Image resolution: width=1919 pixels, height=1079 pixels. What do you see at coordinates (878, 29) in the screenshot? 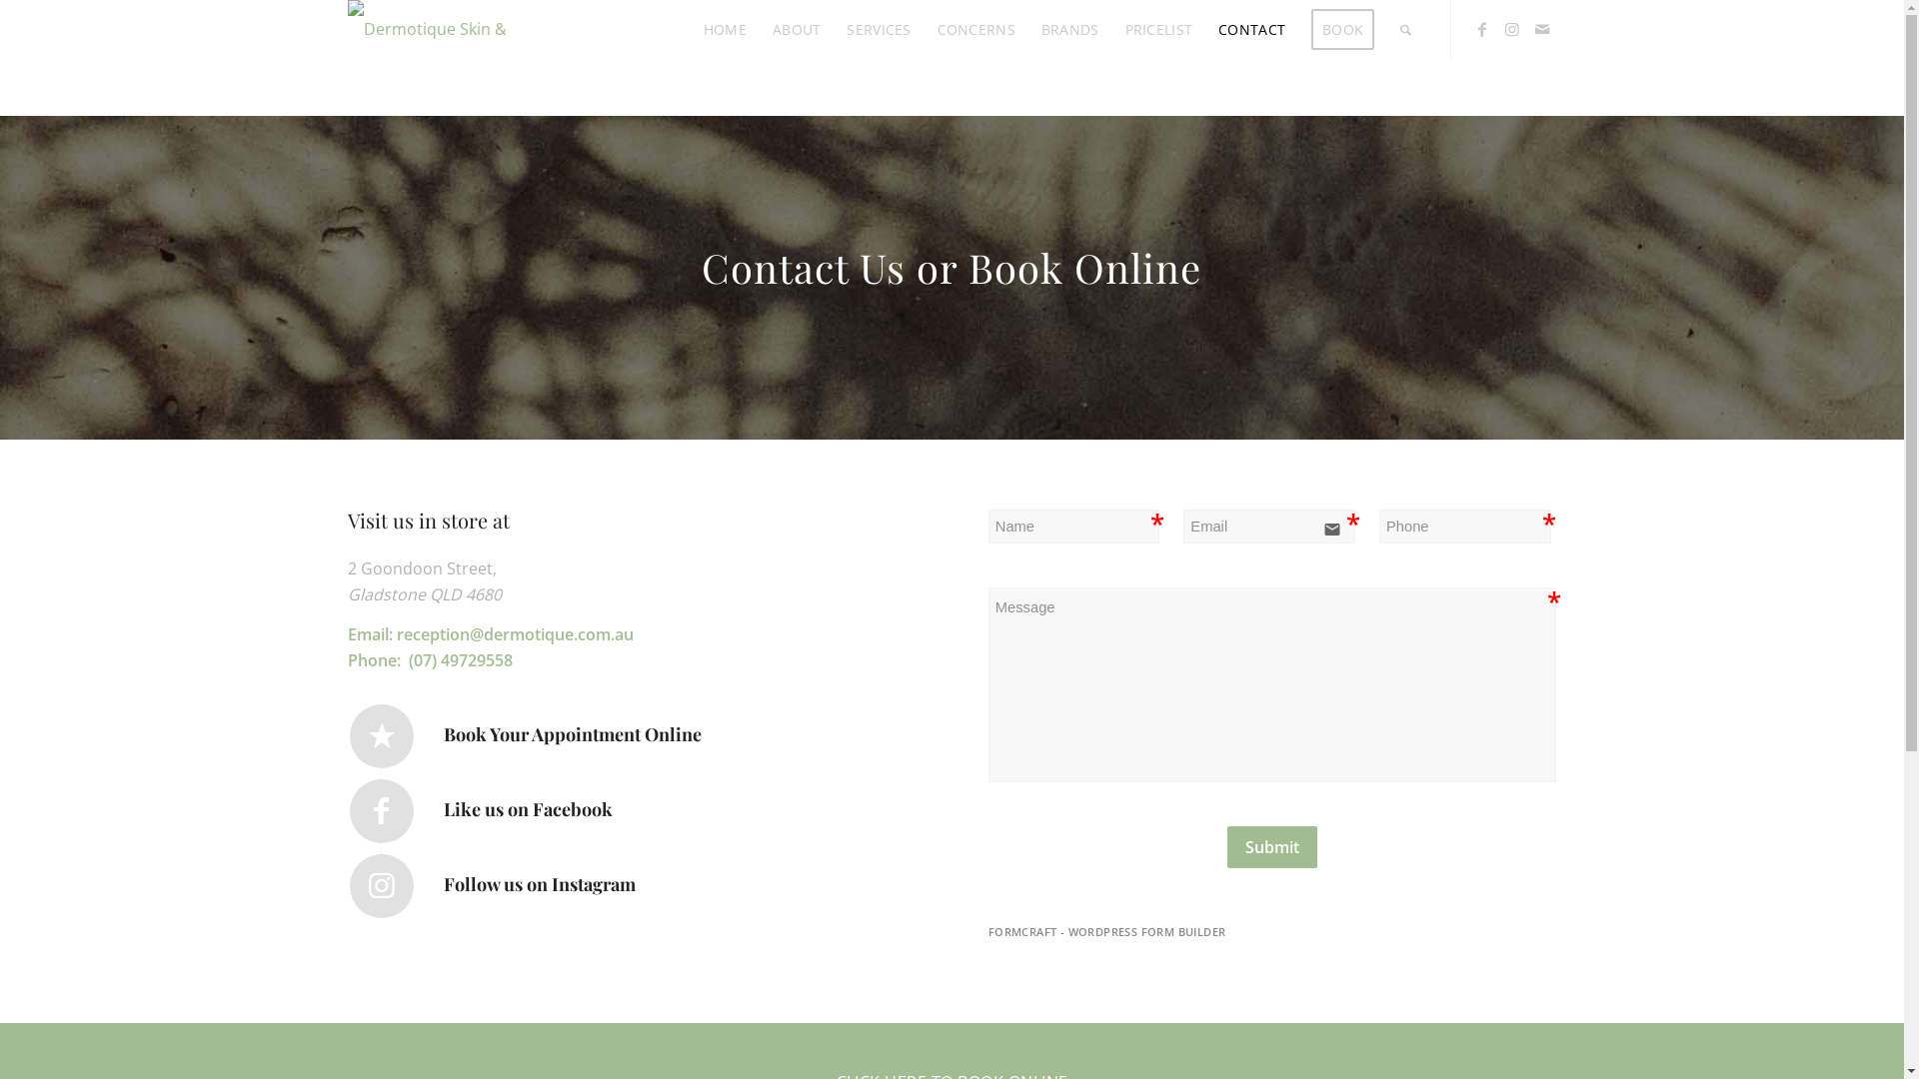
I see `'SERVICES'` at bounding box center [878, 29].